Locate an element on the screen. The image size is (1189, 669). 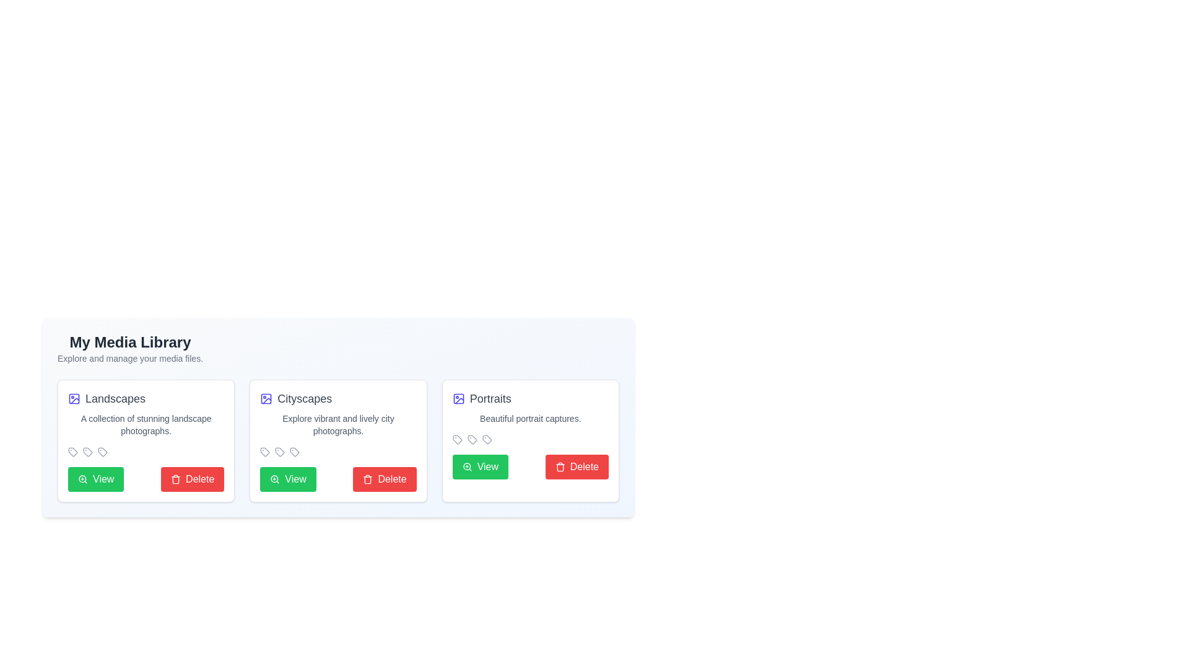
the 'View' text label element, which is styled with a white font on a green background and is located in the first green button in the 'My Media Library' interface, below the 'Landscapes' card is located at coordinates (103, 479).